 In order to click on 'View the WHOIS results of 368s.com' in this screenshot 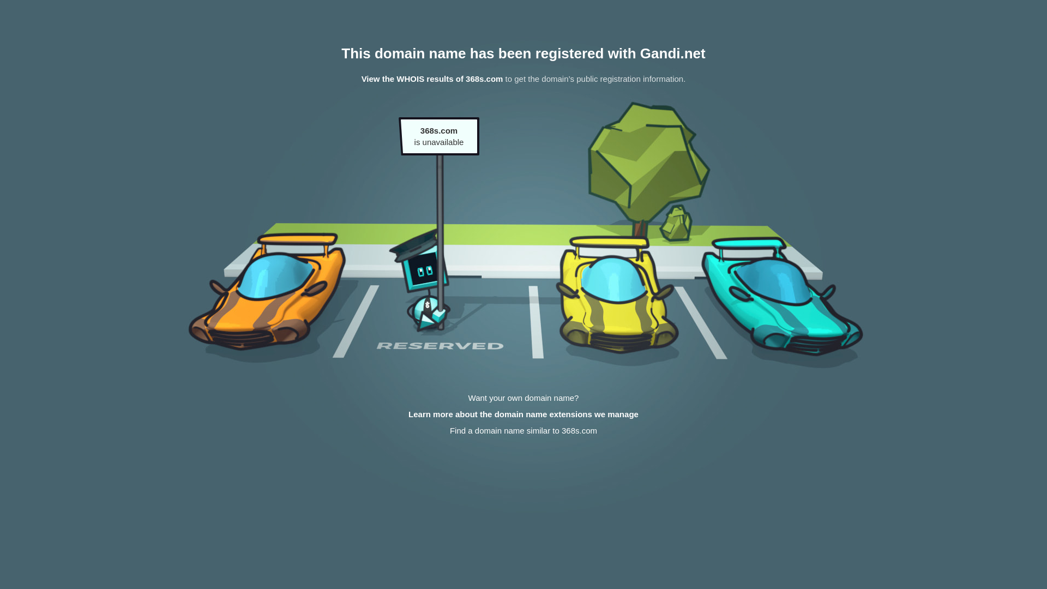, I will do `click(431, 78)`.